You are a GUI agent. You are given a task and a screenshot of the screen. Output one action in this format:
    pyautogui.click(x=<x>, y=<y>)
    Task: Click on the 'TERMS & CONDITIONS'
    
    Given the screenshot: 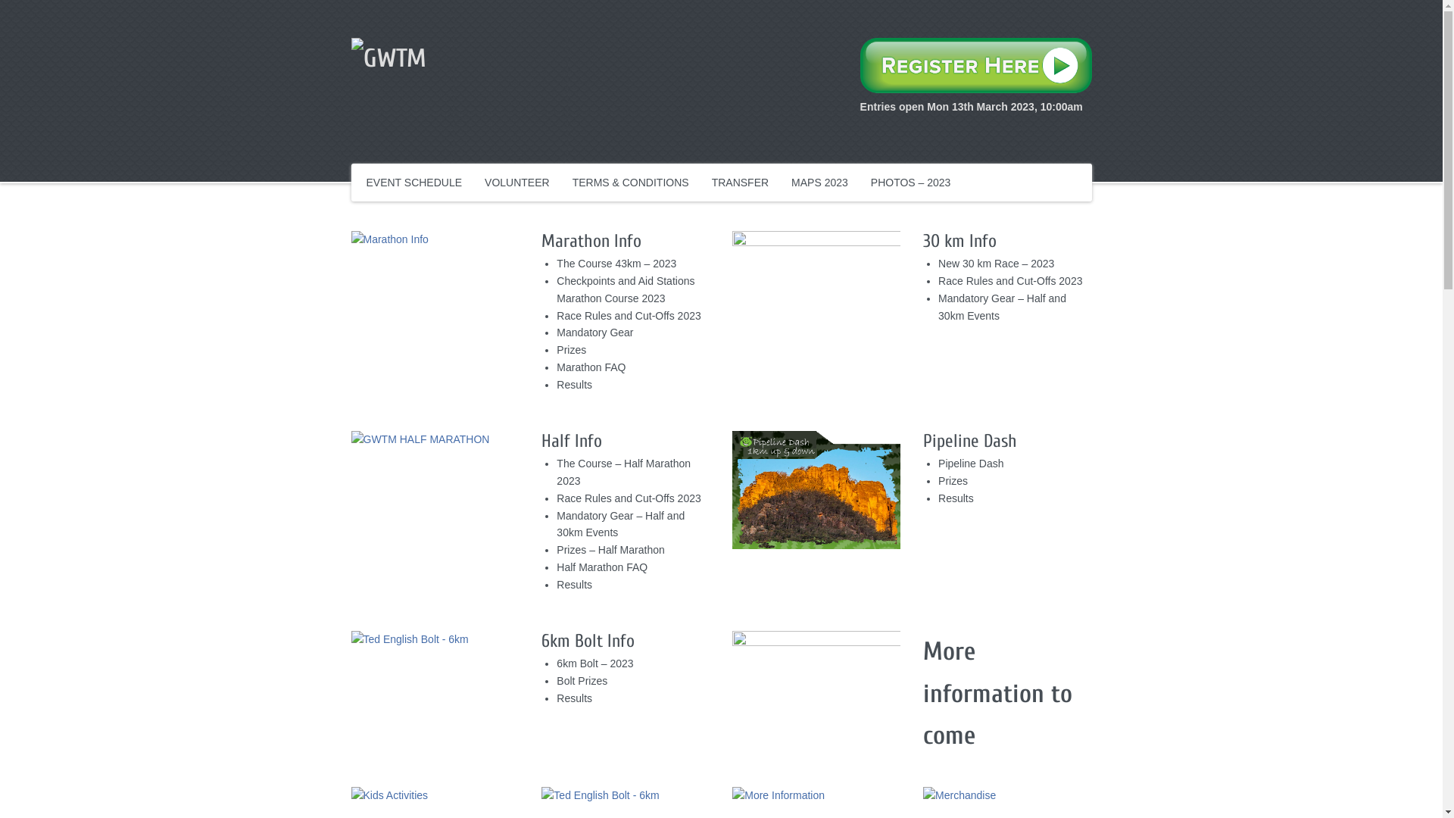 What is the action you would take?
    pyautogui.click(x=631, y=181)
    